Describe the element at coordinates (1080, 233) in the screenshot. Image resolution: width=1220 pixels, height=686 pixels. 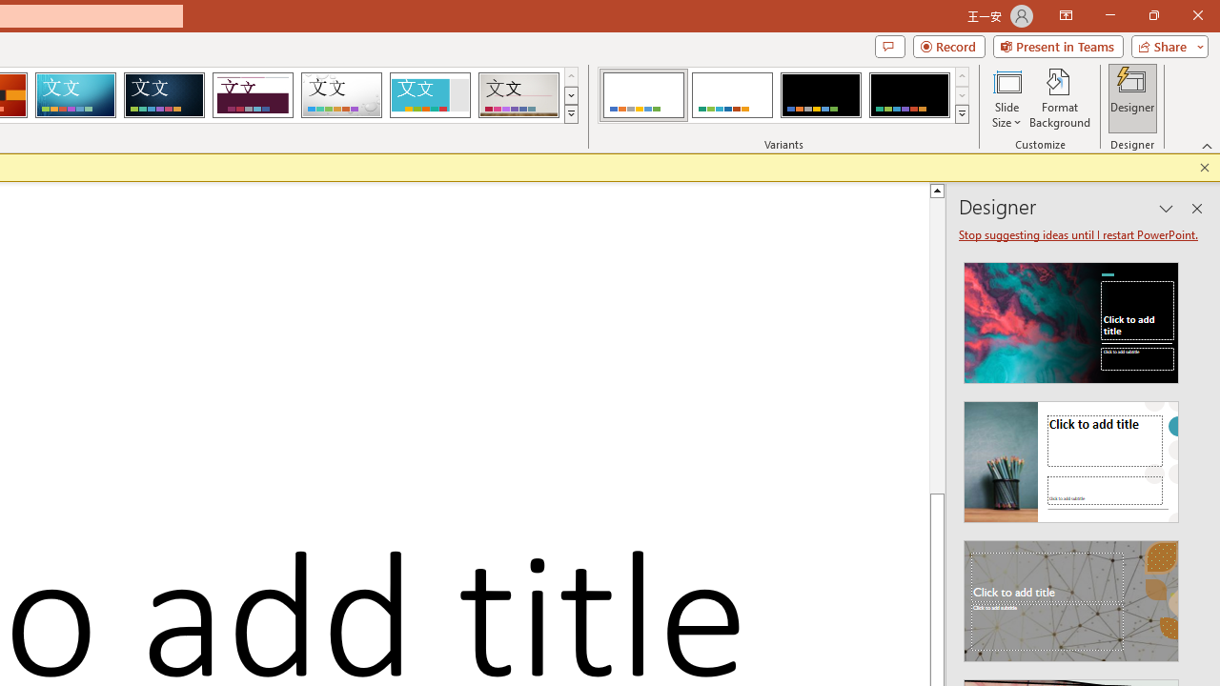
I see `'Turn off Designer for this session.'` at that location.